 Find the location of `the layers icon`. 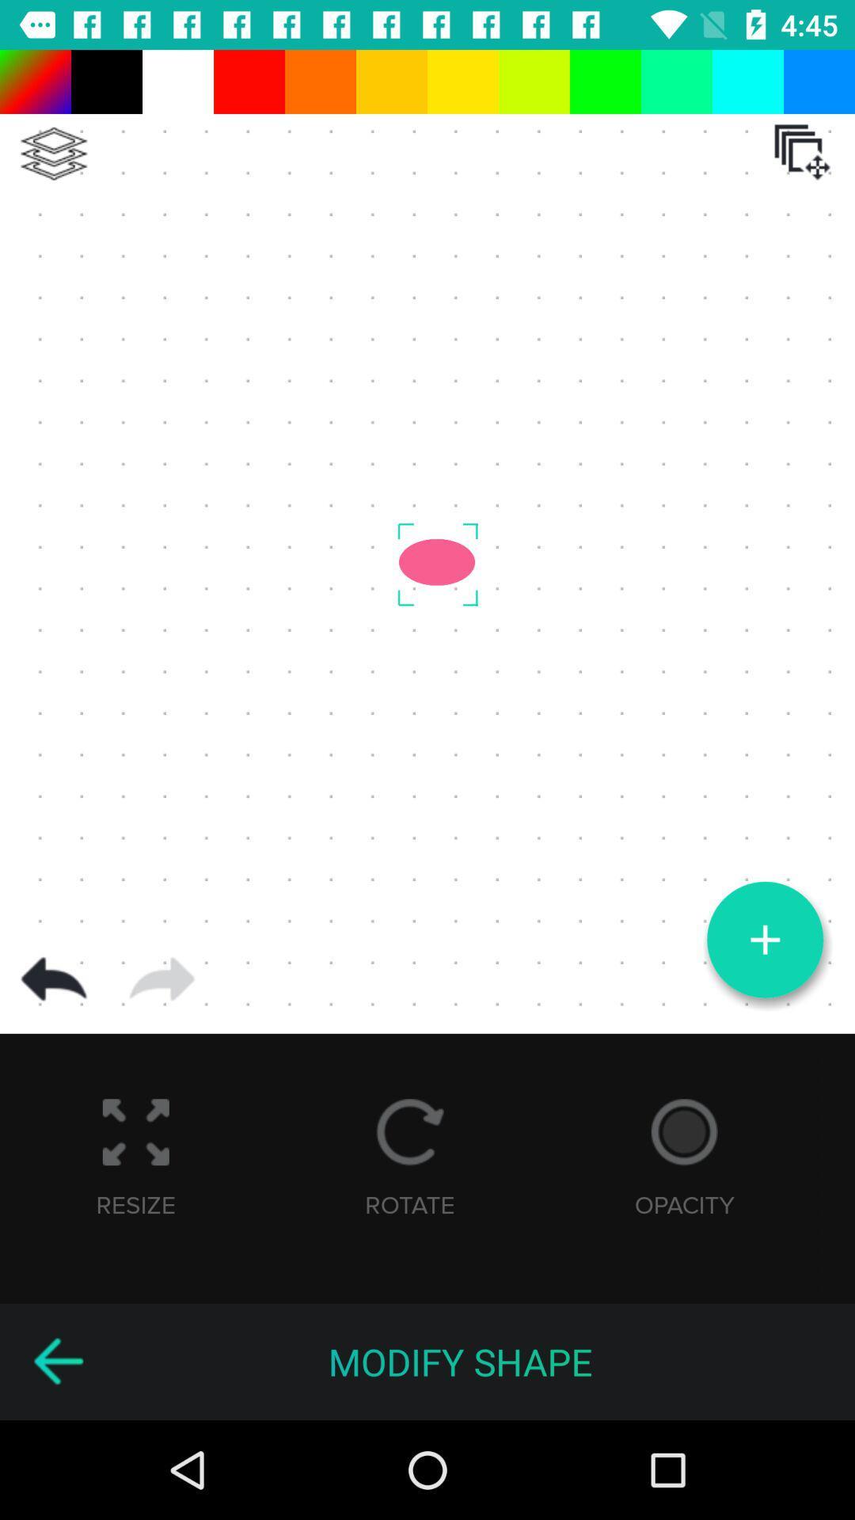

the layers icon is located at coordinates (53, 154).